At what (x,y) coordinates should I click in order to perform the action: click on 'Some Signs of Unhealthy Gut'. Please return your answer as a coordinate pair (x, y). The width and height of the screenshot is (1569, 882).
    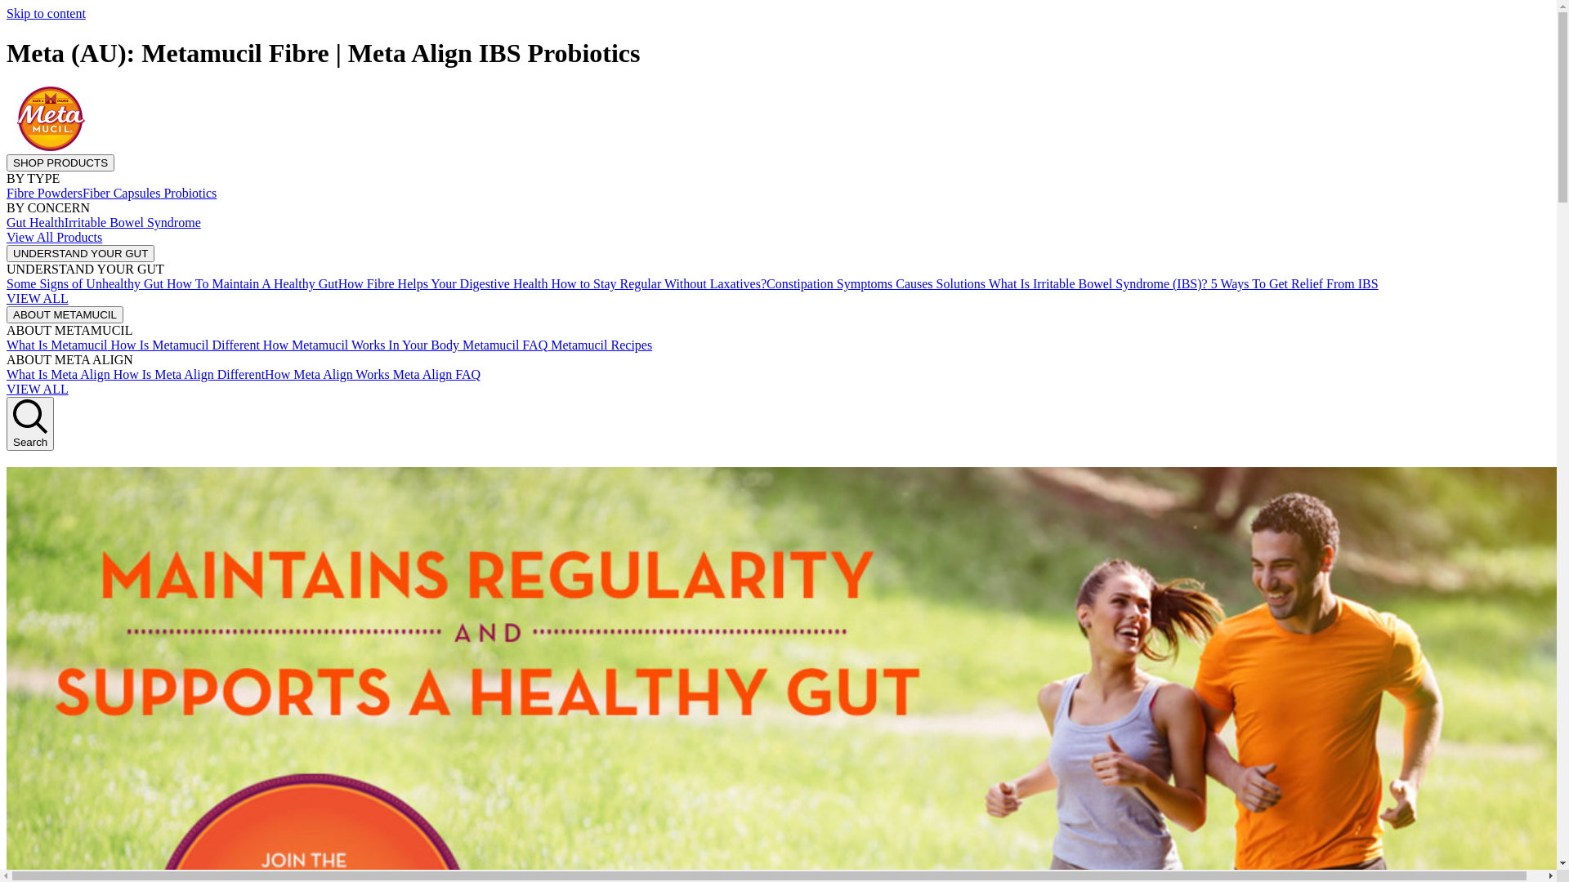
    Looking at the image, I should click on (84, 283).